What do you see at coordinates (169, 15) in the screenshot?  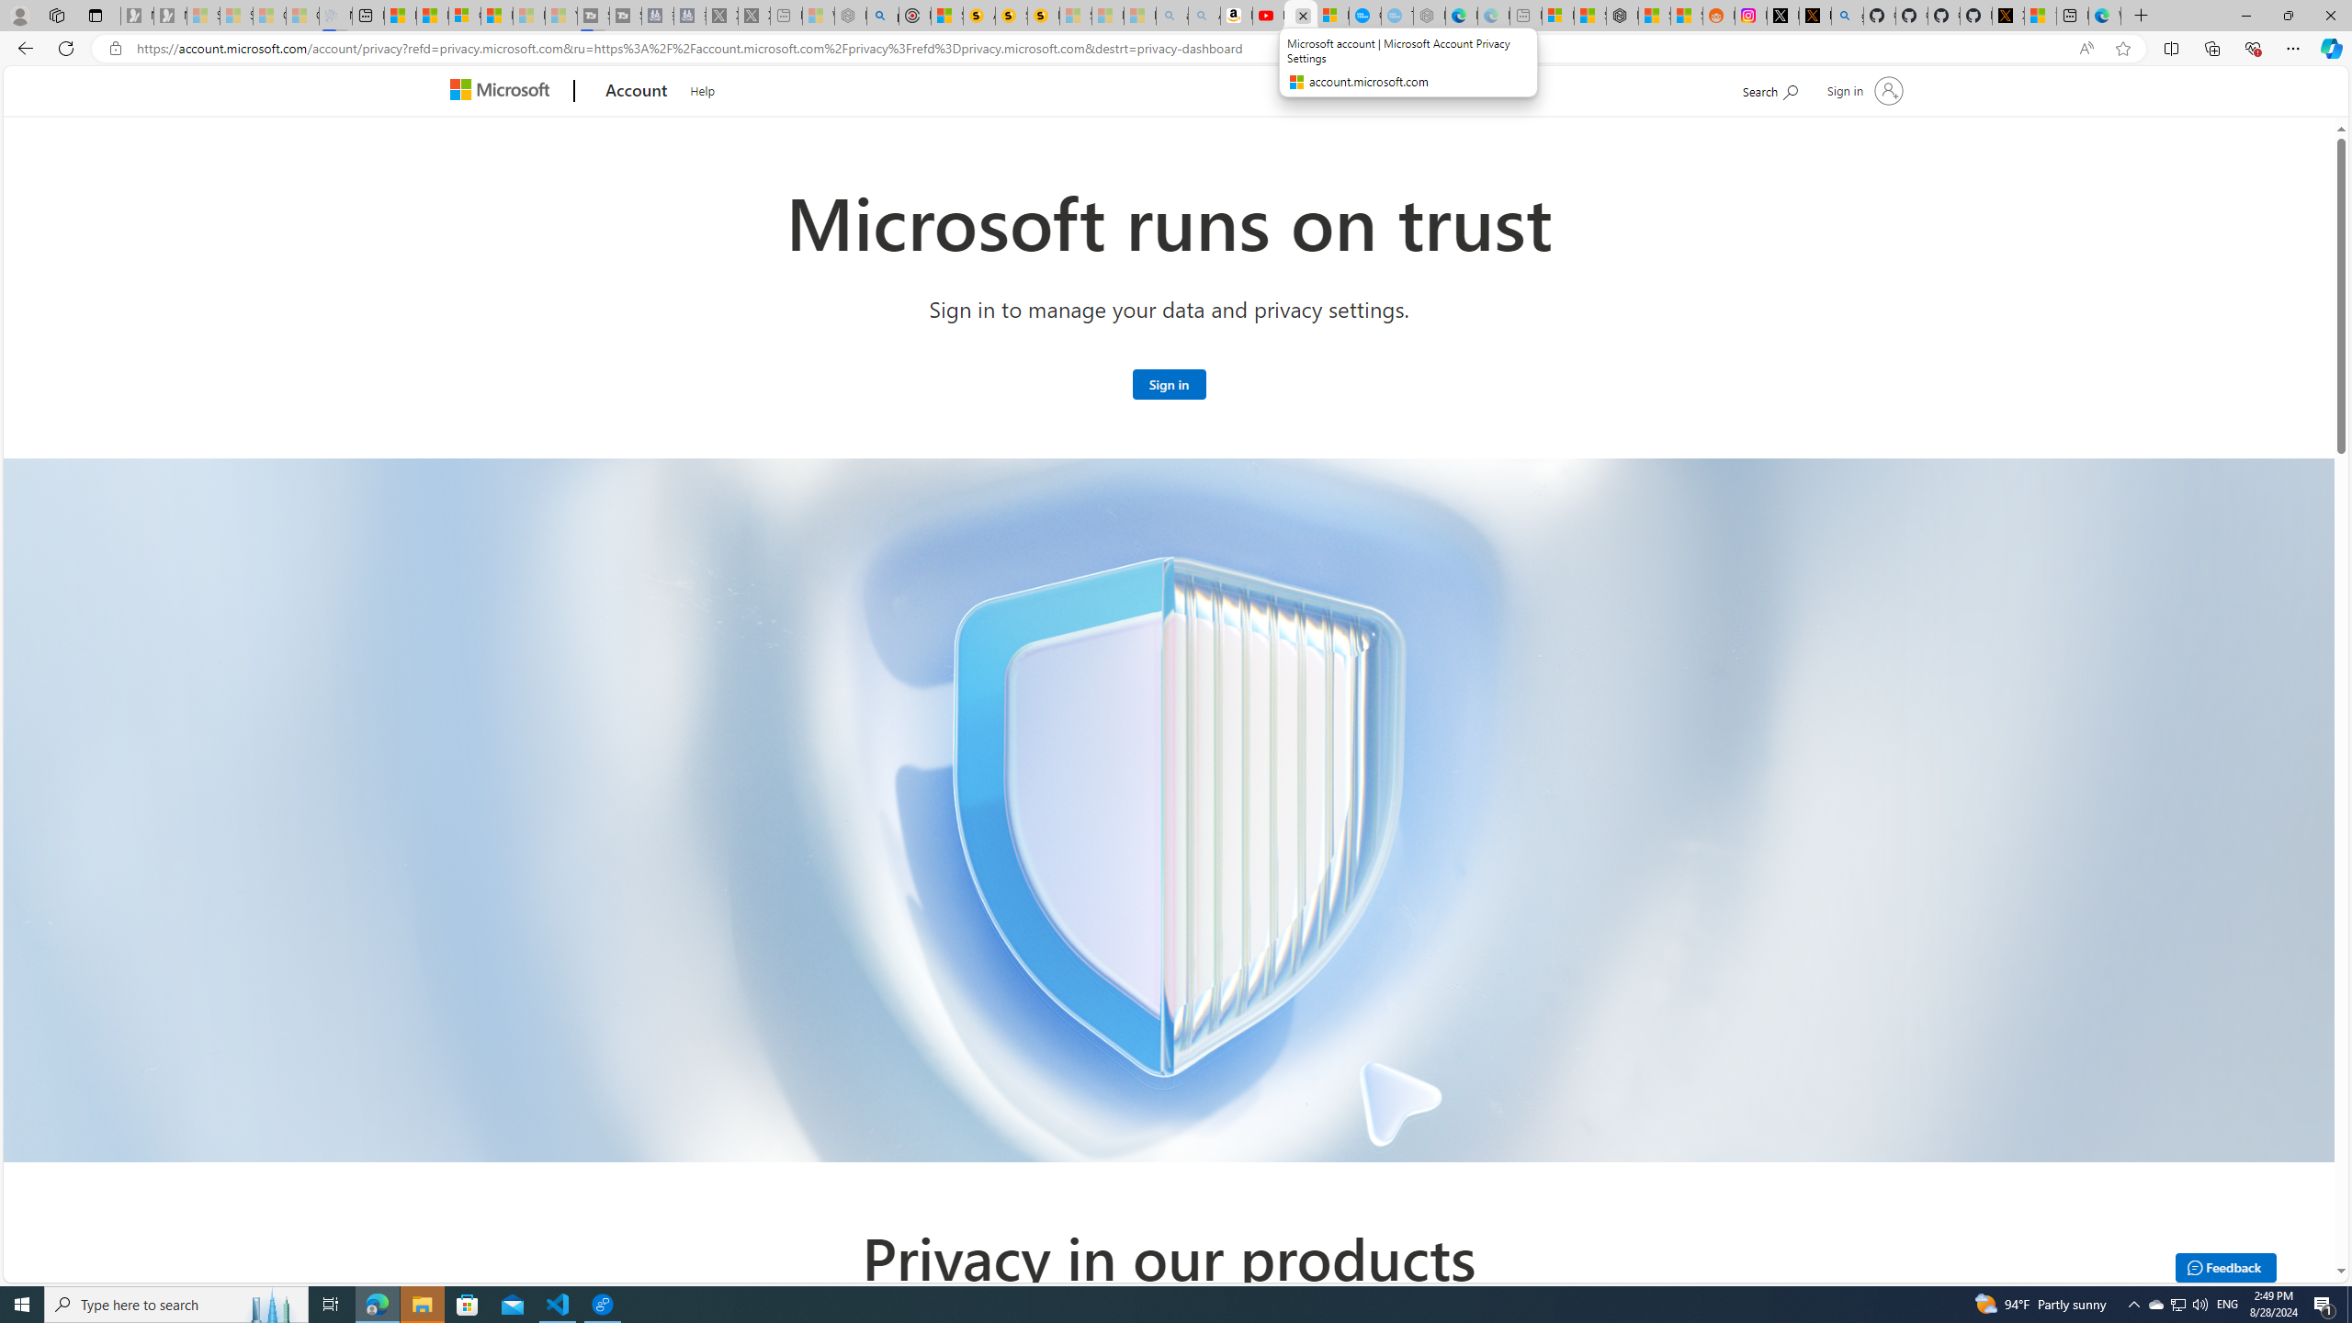 I see `'Newsletter Sign Up - Sleeping'` at bounding box center [169, 15].